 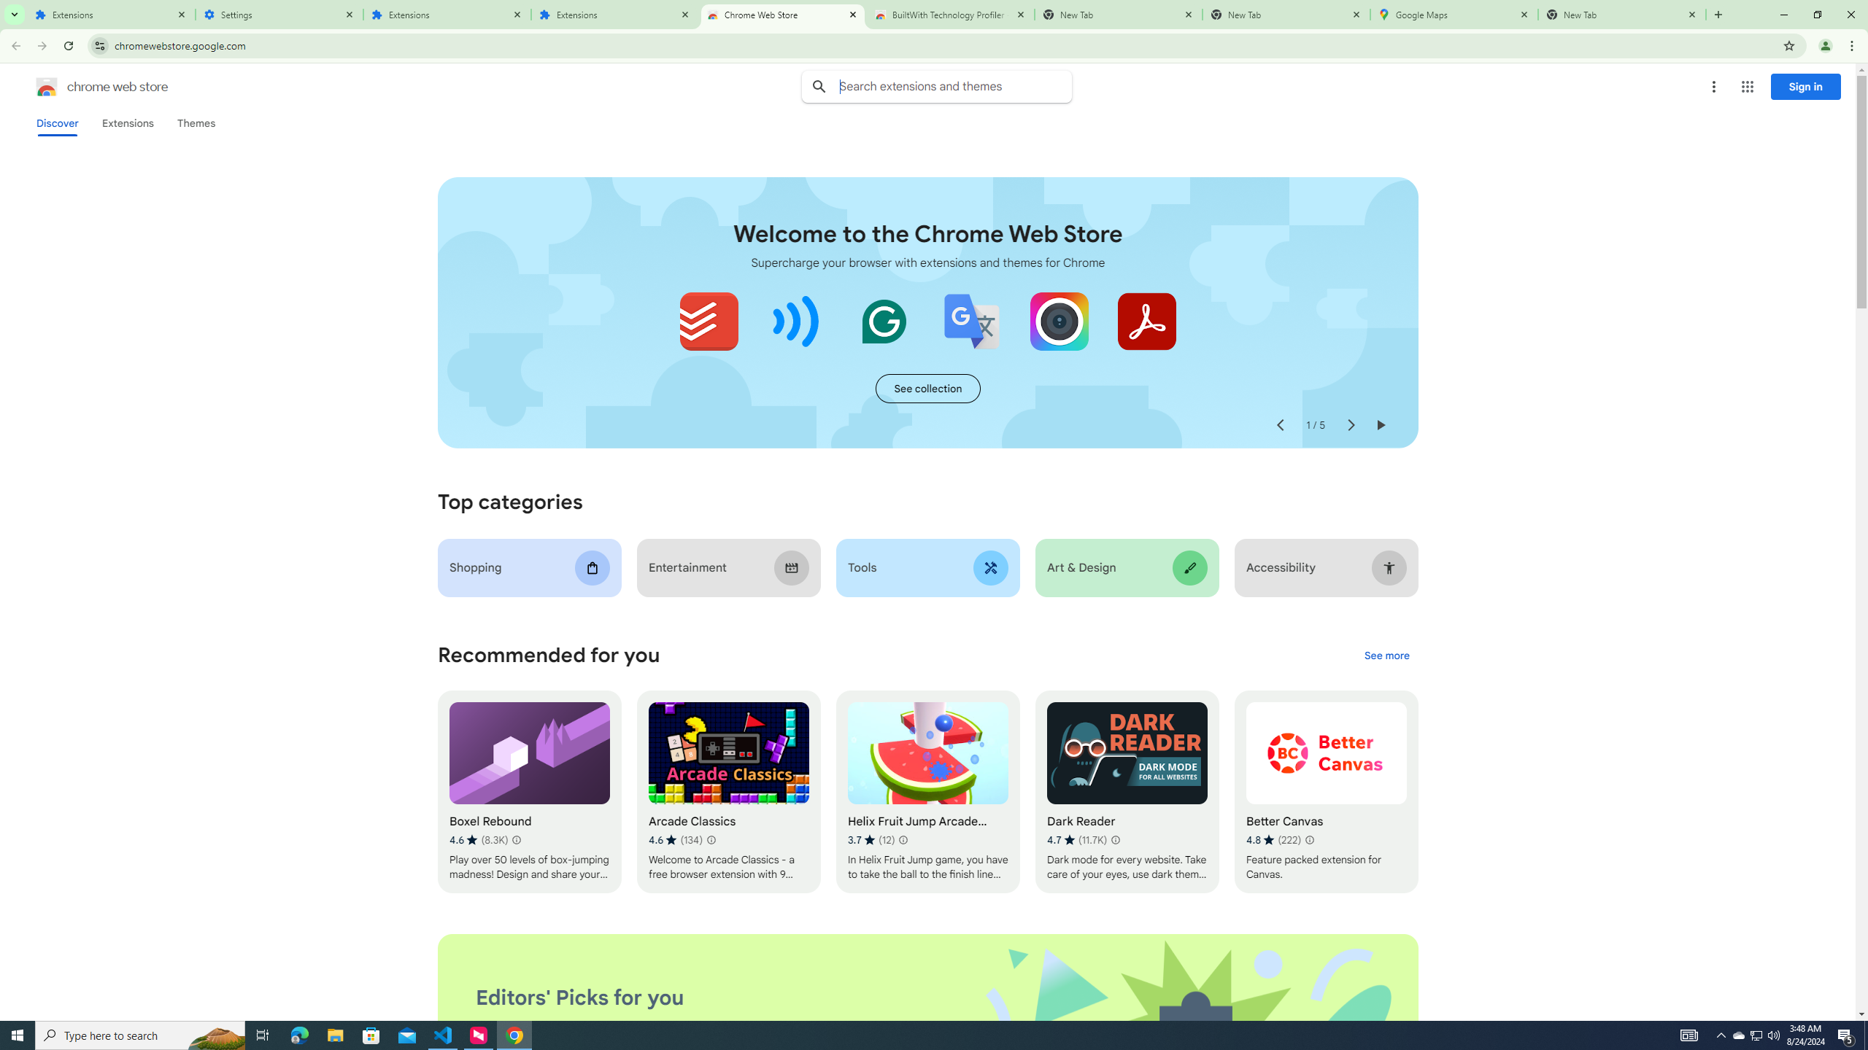 I want to click on 'Discover', so click(x=56, y=122).